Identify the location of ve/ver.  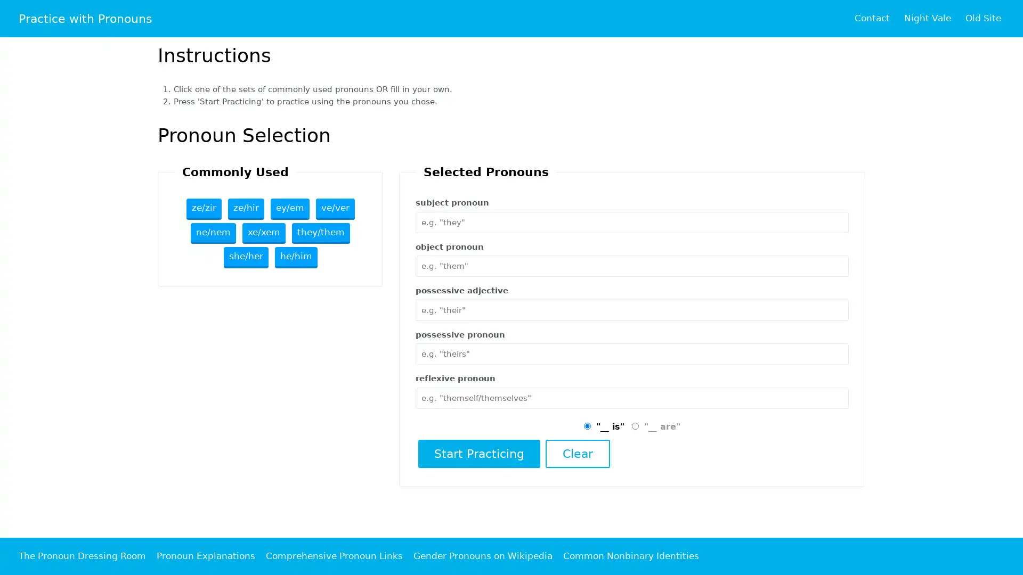
(334, 209).